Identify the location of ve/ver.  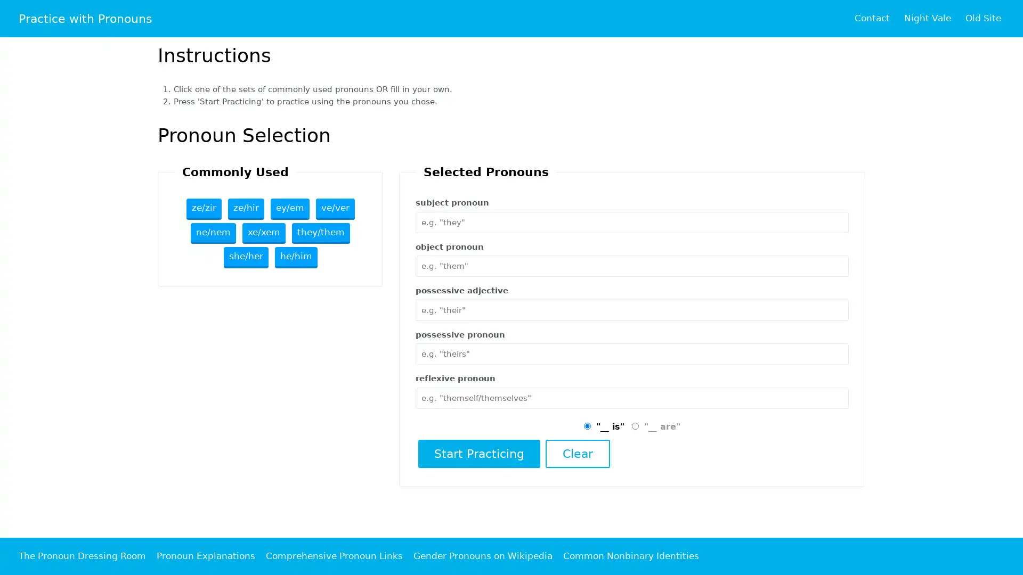
(334, 209).